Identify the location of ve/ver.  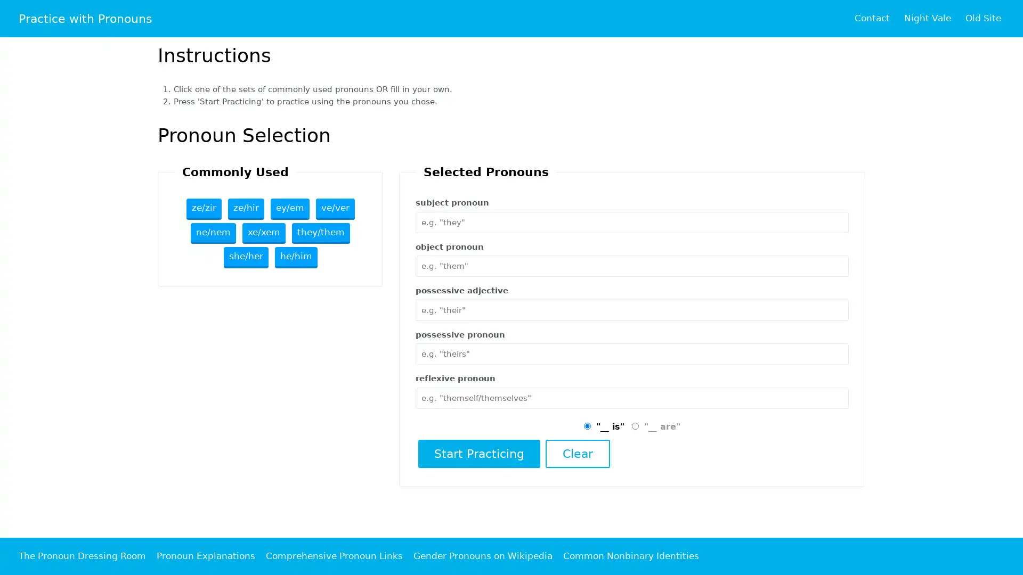
(334, 209).